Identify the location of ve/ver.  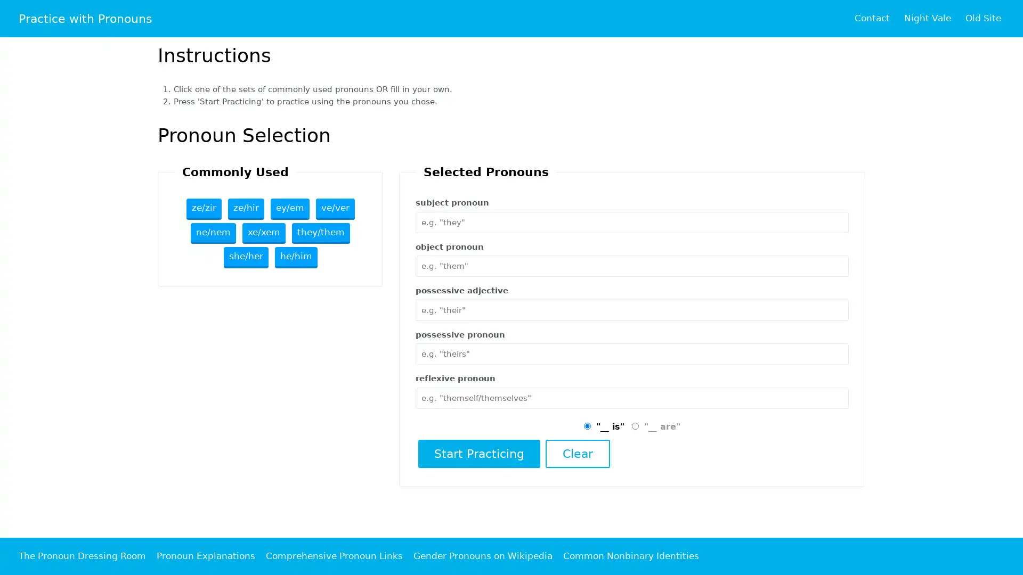
(334, 209).